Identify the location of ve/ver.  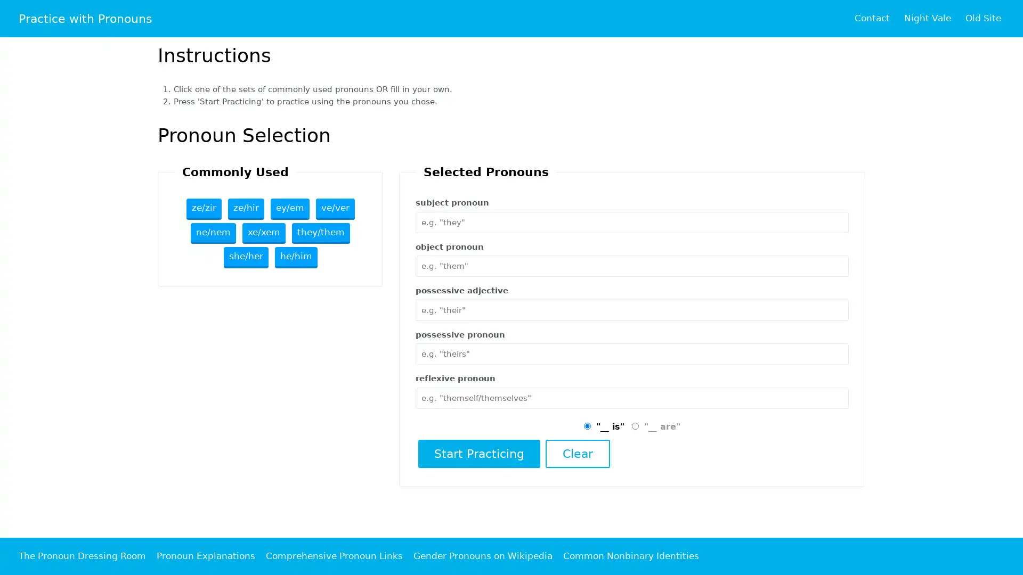
(334, 209).